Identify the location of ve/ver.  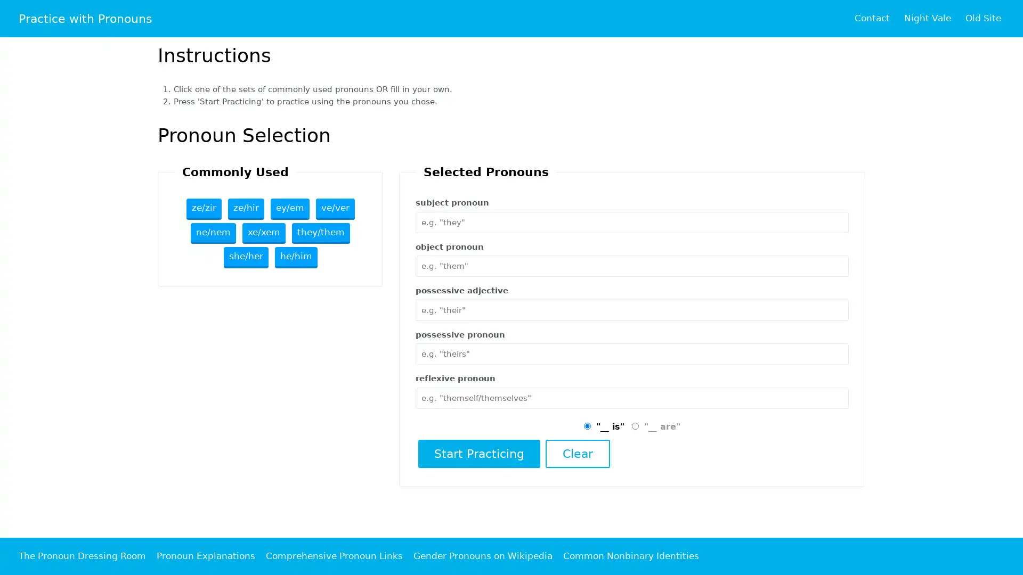
(334, 209).